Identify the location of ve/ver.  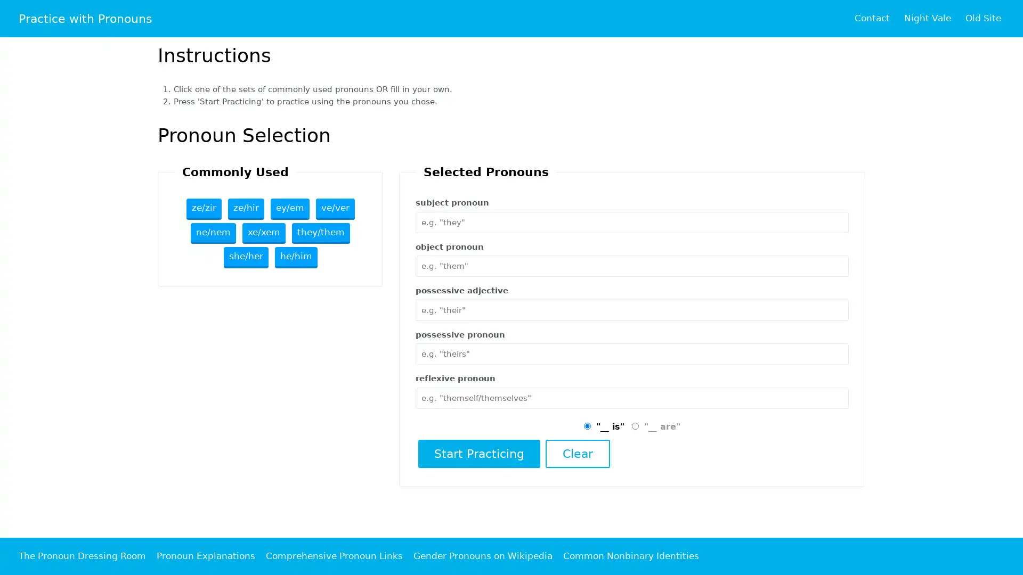
(334, 209).